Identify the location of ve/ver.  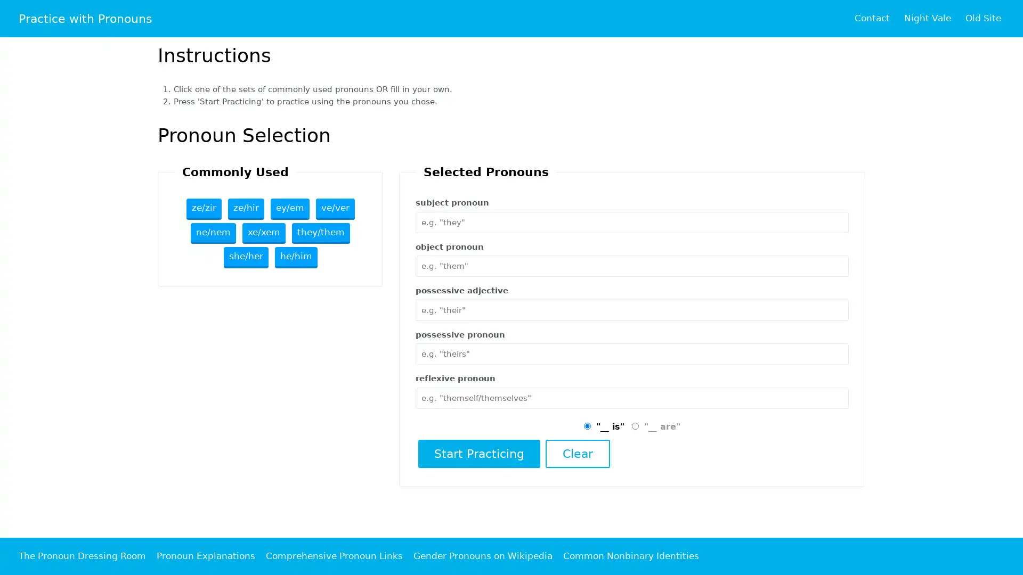
(334, 209).